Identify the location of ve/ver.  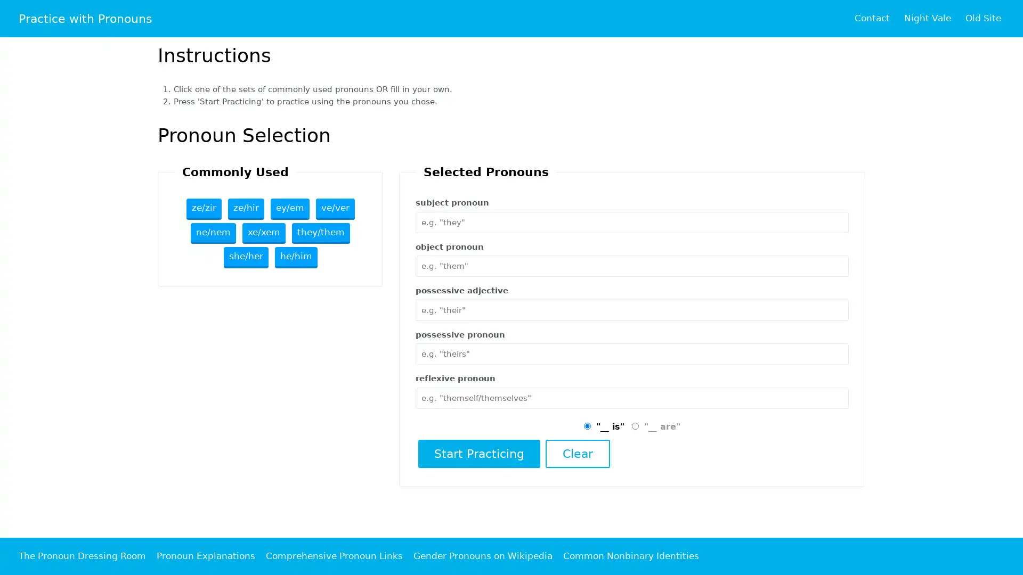
(334, 209).